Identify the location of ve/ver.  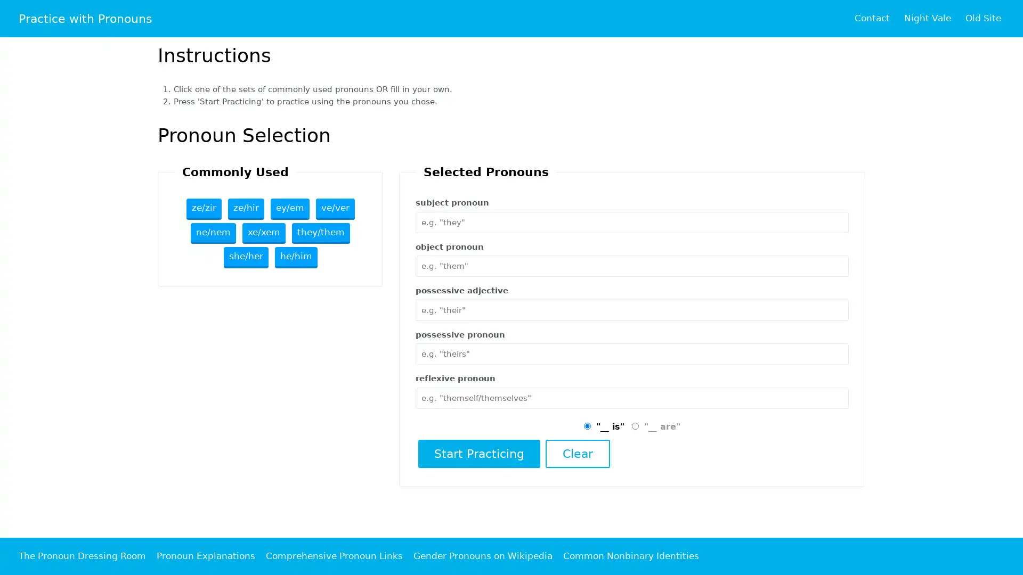
(334, 209).